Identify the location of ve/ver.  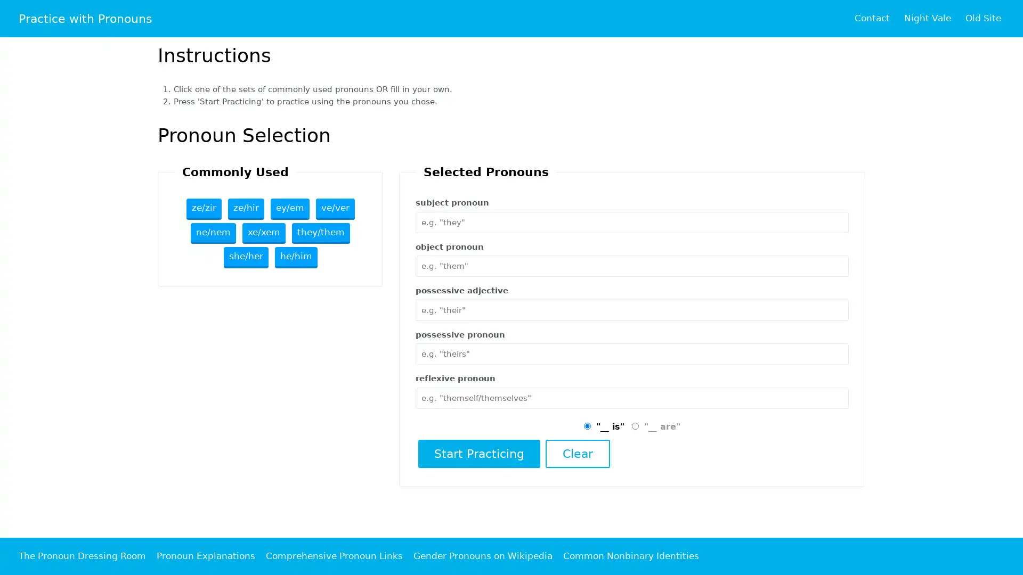
(334, 209).